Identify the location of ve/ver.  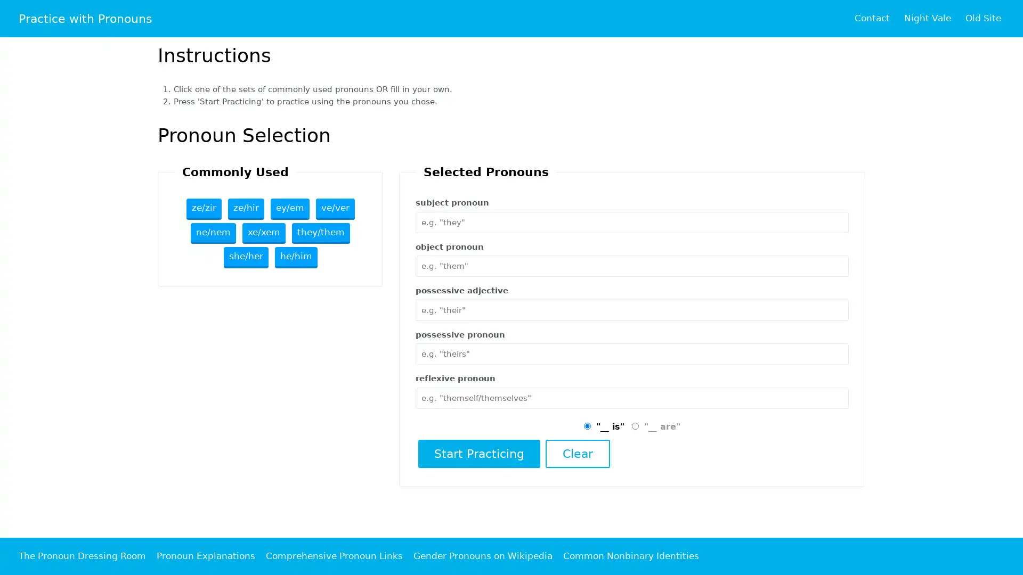
(334, 209).